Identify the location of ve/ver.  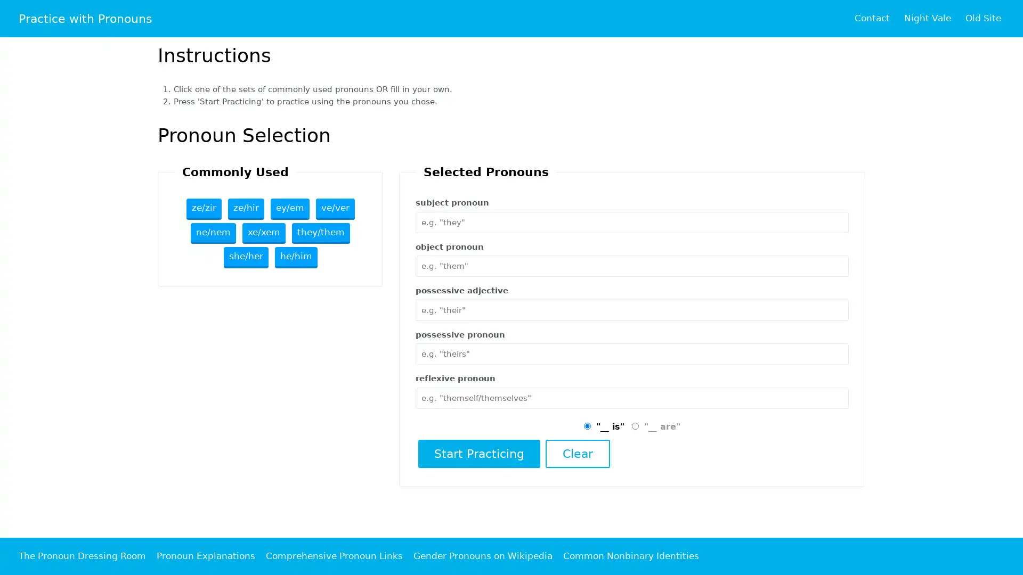
(334, 209).